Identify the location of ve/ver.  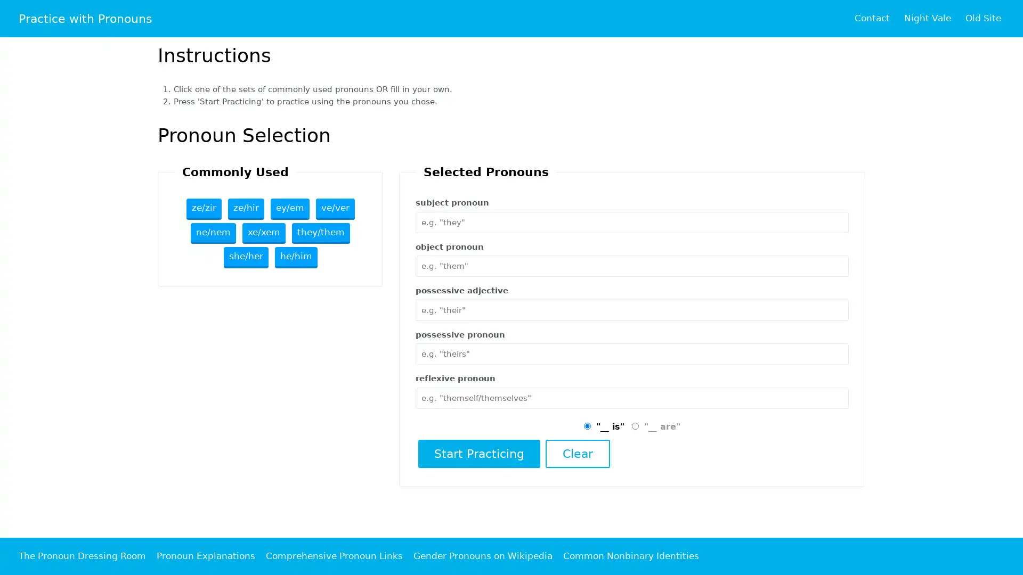
(334, 209).